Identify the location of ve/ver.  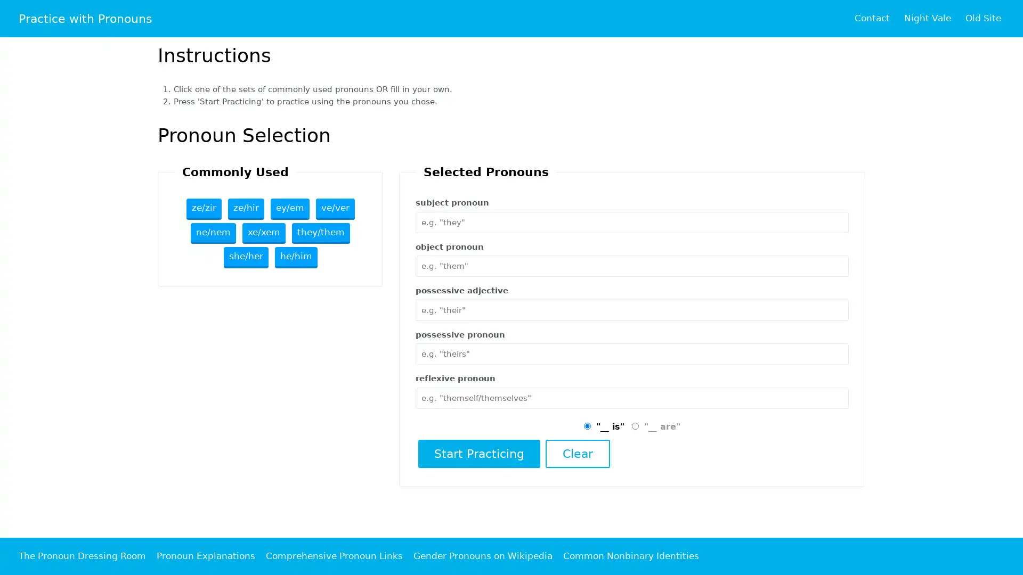
(334, 209).